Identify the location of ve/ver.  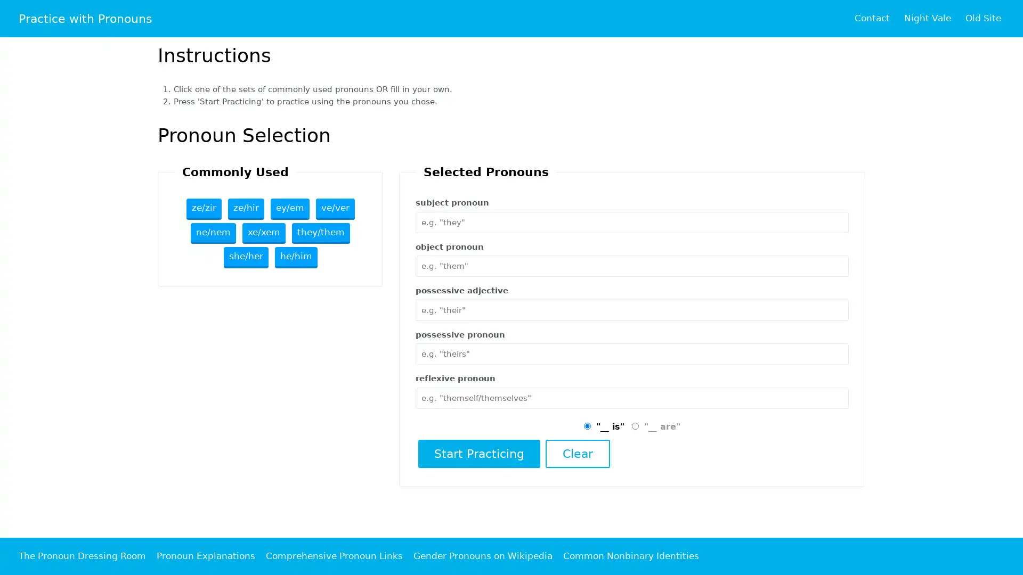
(334, 209).